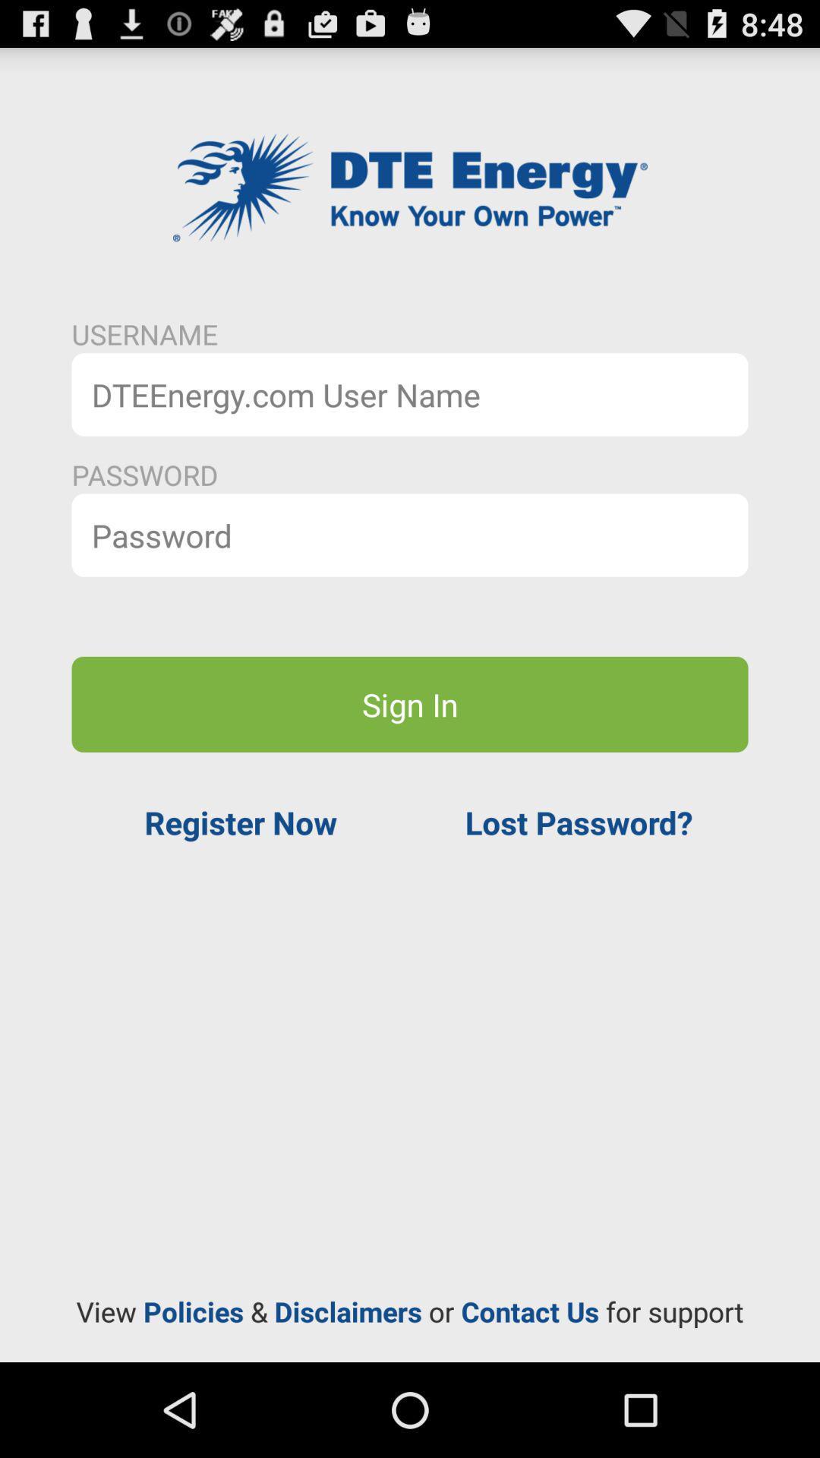 This screenshot has height=1458, width=820. I want to click on the item above the view policies disclaimers app, so click(579, 822).